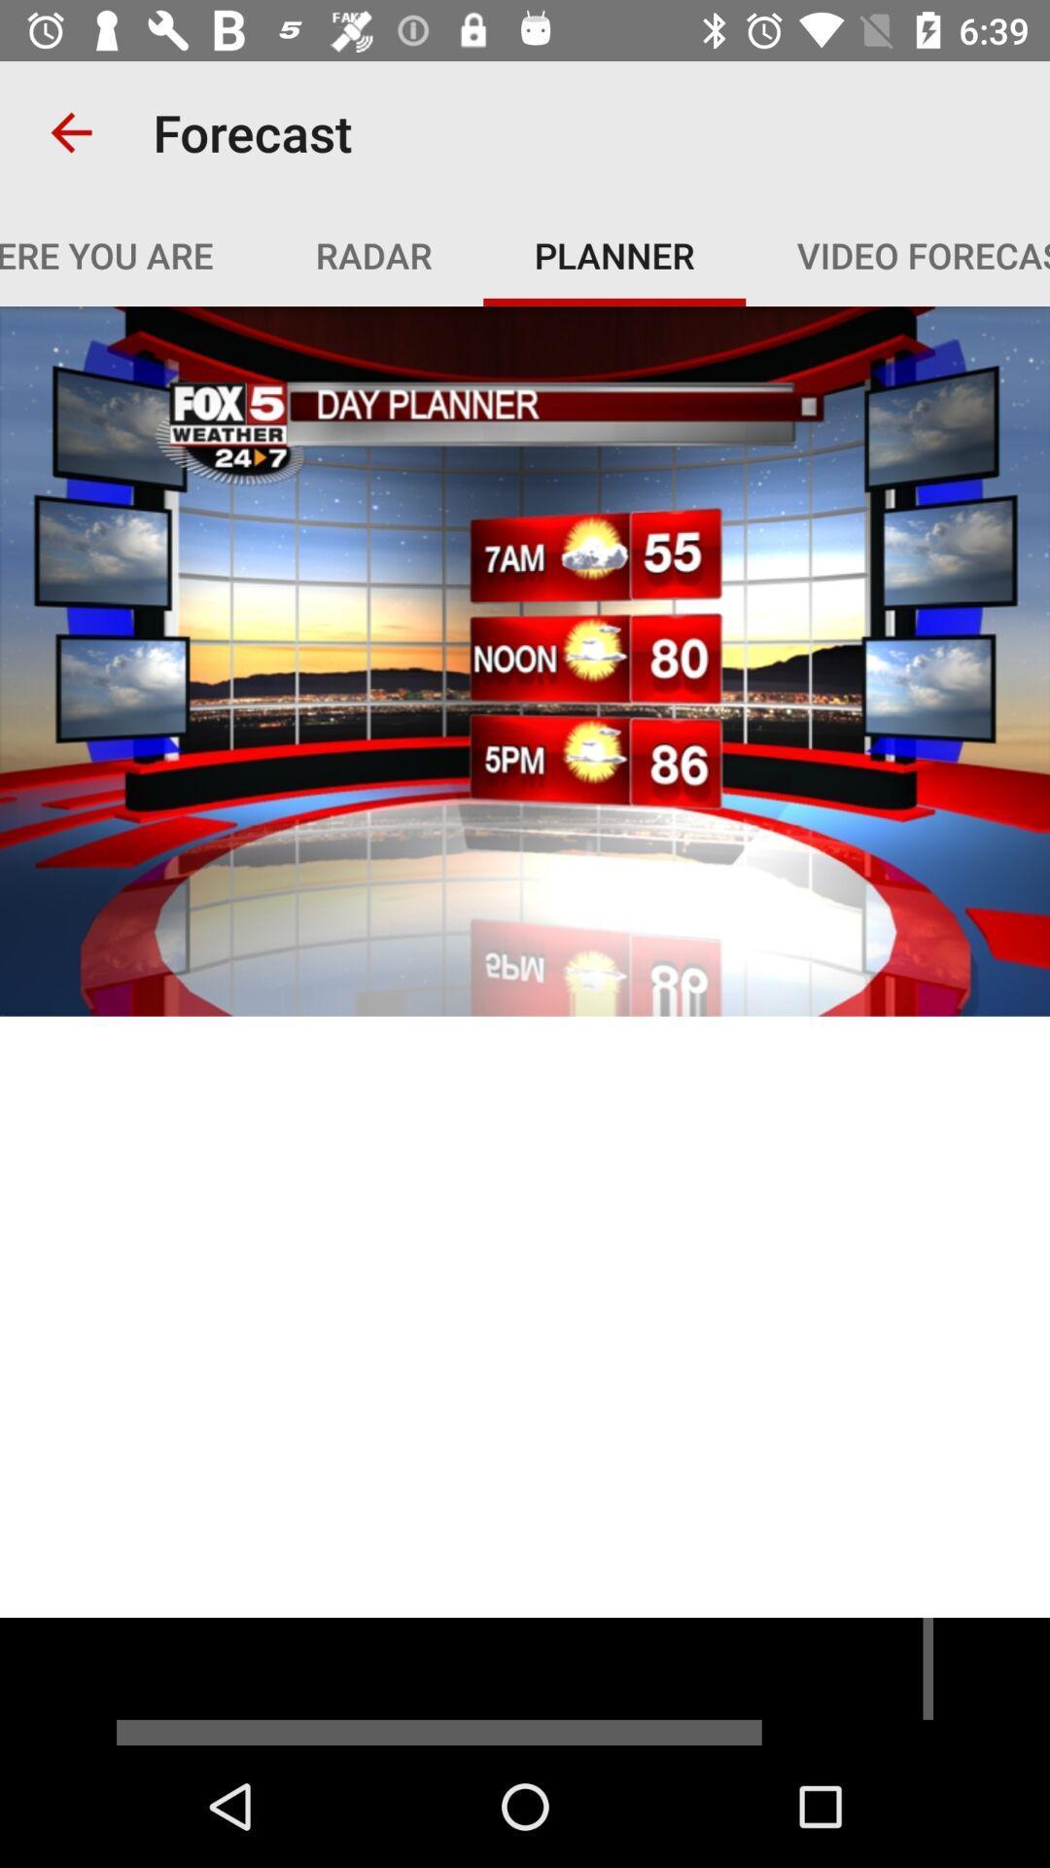  Describe the element at coordinates (525, 1680) in the screenshot. I see `open advertisement` at that location.